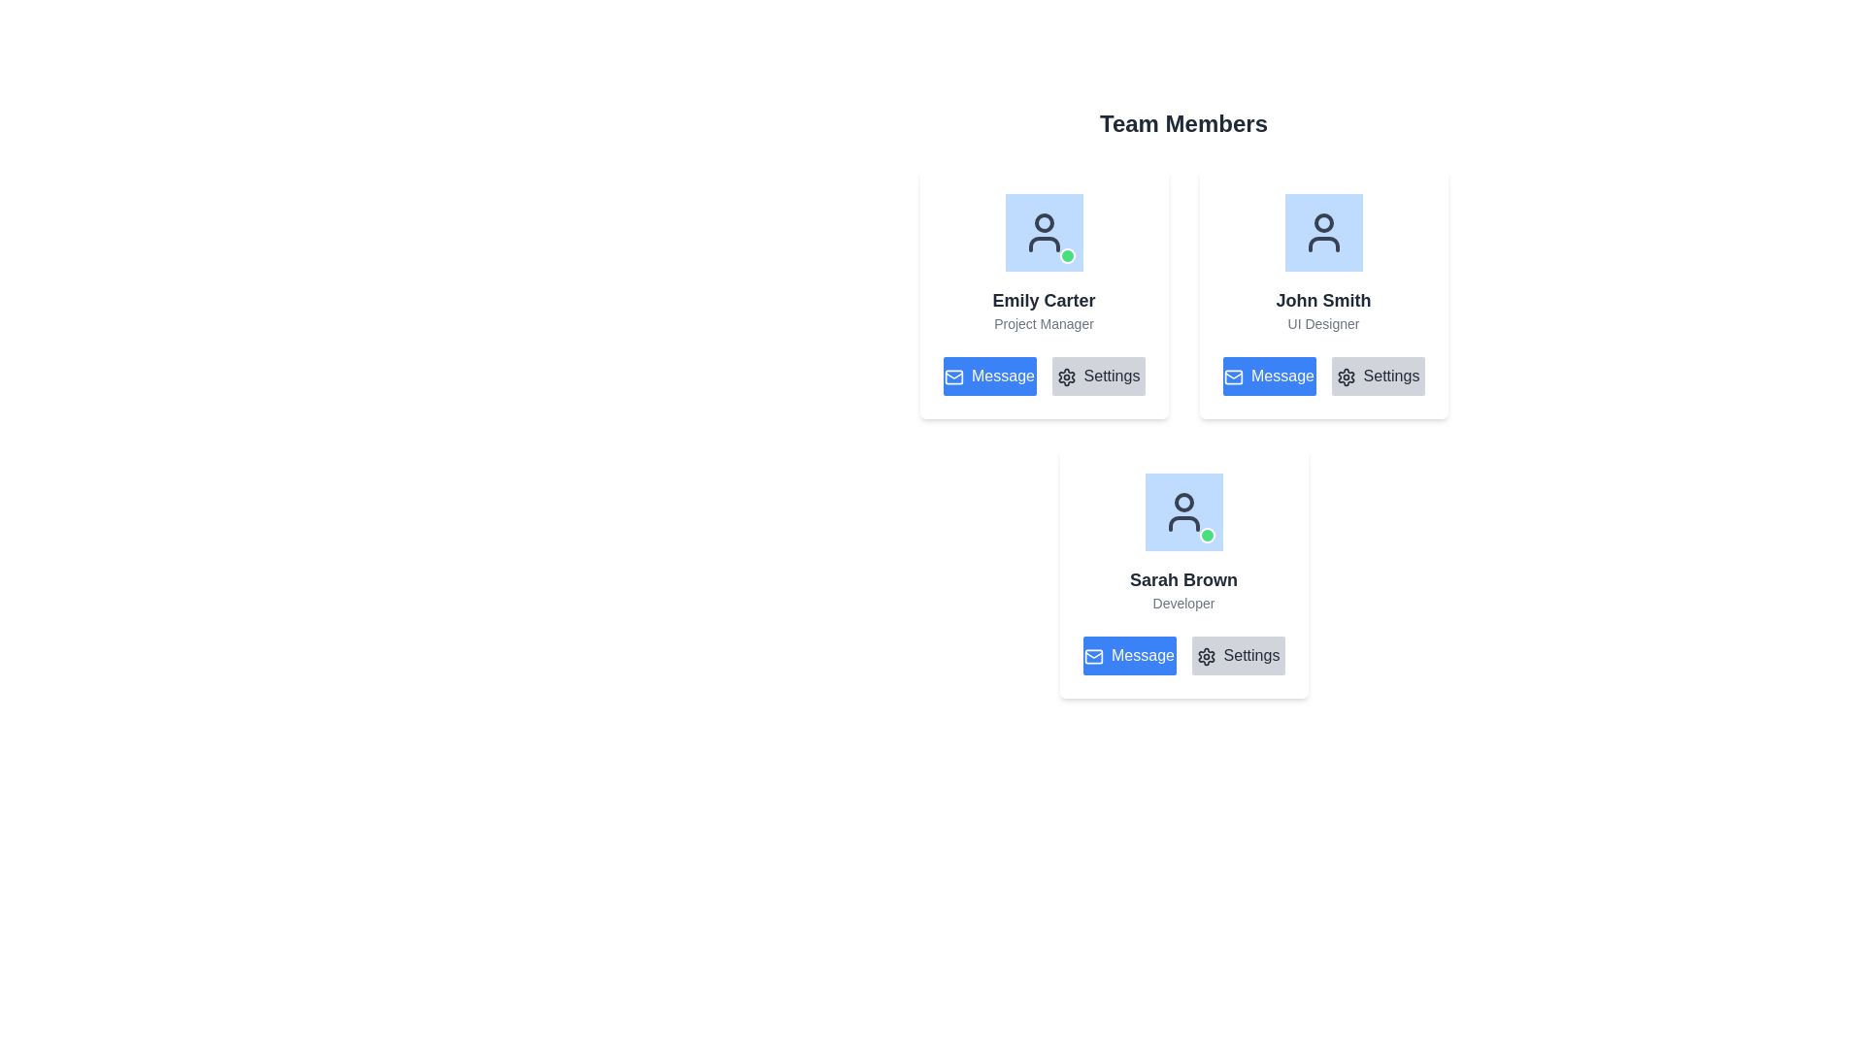  What do you see at coordinates (1043, 323) in the screenshot?
I see `the text label 'Project Manager' displayed in light gray, located directly below 'Emily Carter' in the member card` at bounding box center [1043, 323].